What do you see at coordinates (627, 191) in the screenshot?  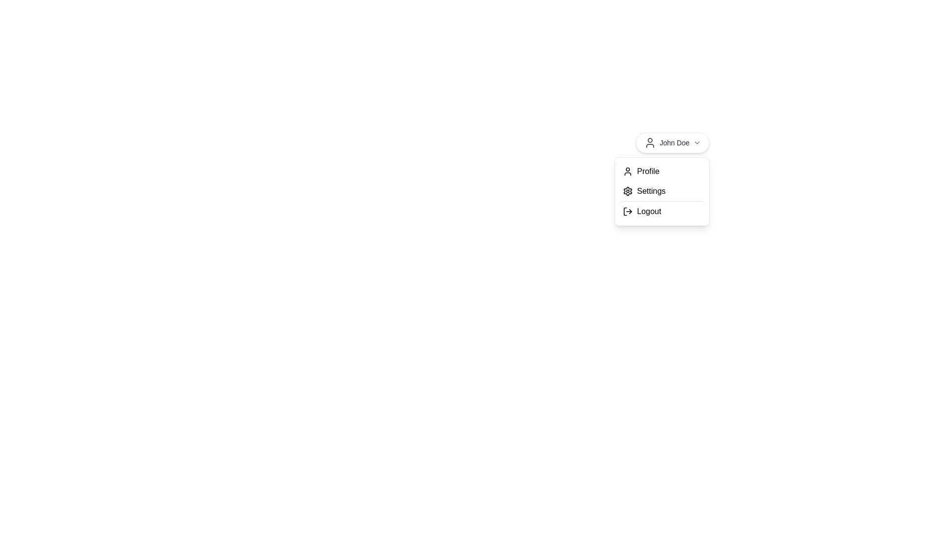 I see `the settings icon located in the dropdown menu, which is positioned second from the top and adjacent to the 'Settings' text label` at bounding box center [627, 191].